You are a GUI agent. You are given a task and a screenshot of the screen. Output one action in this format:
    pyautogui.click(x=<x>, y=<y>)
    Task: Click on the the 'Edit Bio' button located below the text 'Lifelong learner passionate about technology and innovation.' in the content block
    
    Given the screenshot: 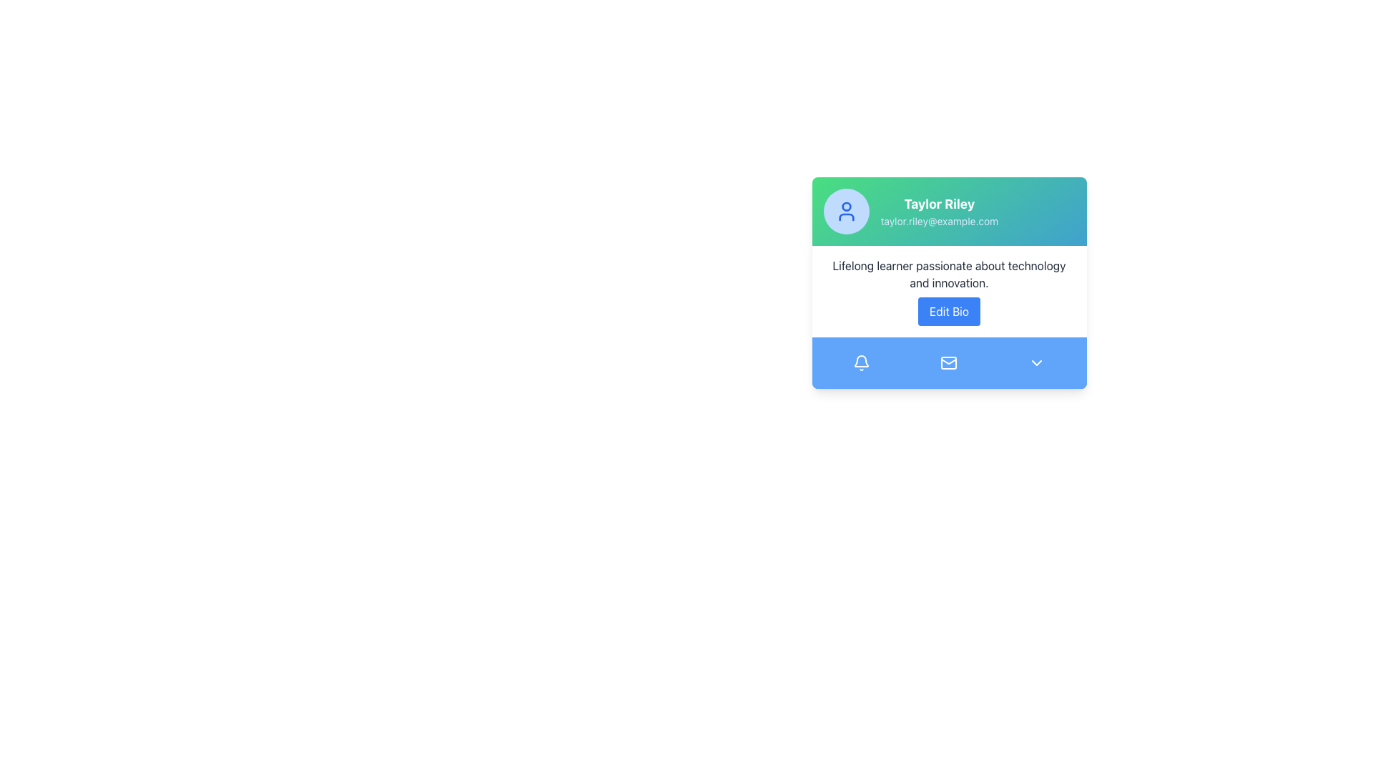 What is the action you would take?
    pyautogui.click(x=949, y=291)
    